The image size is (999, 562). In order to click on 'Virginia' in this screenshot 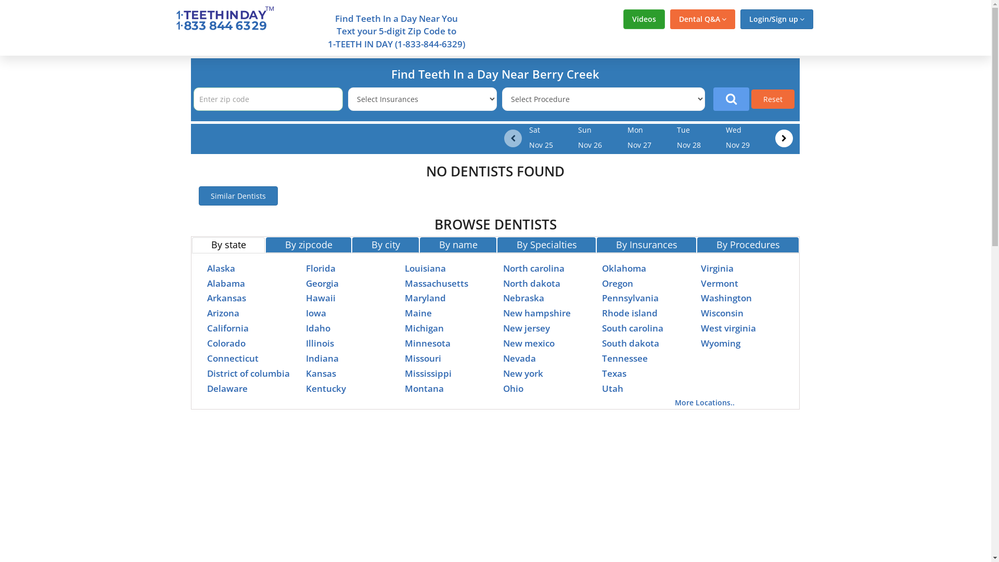, I will do `click(716, 267)`.